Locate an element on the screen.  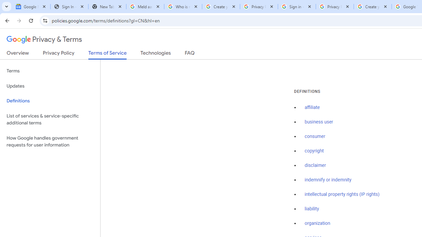
'affiliate' is located at coordinates (312, 107).